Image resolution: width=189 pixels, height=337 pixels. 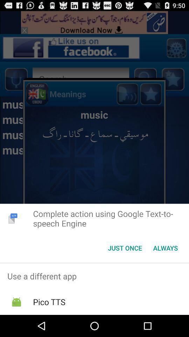 What do you see at coordinates (125, 248) in the screenshot?
I see `the just once item` at bounding box center [125, 248].